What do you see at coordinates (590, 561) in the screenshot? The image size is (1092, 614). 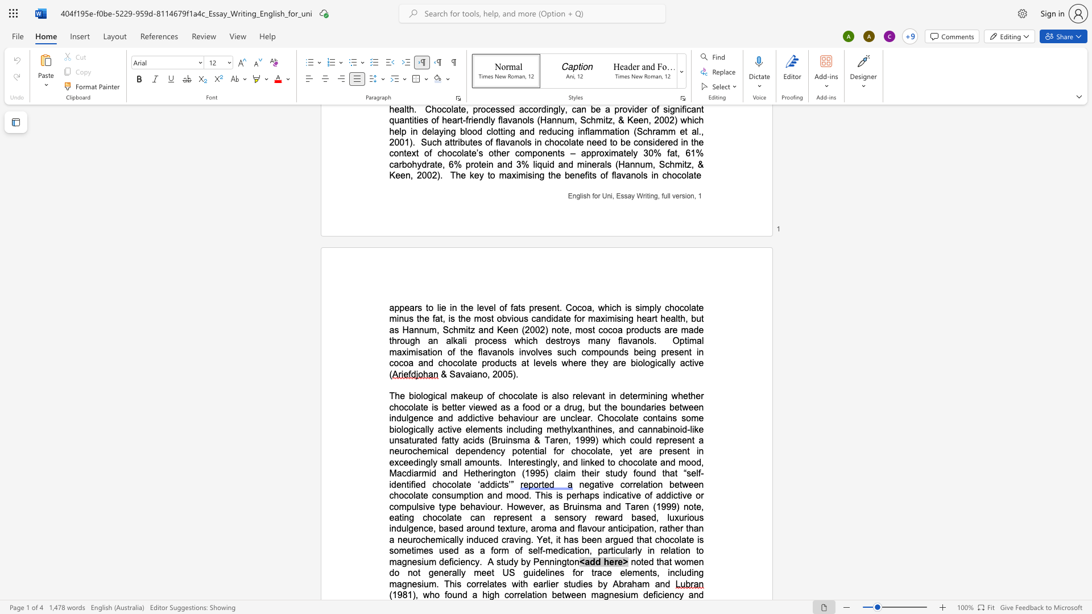 I see `the space between the continuous character "a" and "d" in the text` at bounding box center [590, 561].